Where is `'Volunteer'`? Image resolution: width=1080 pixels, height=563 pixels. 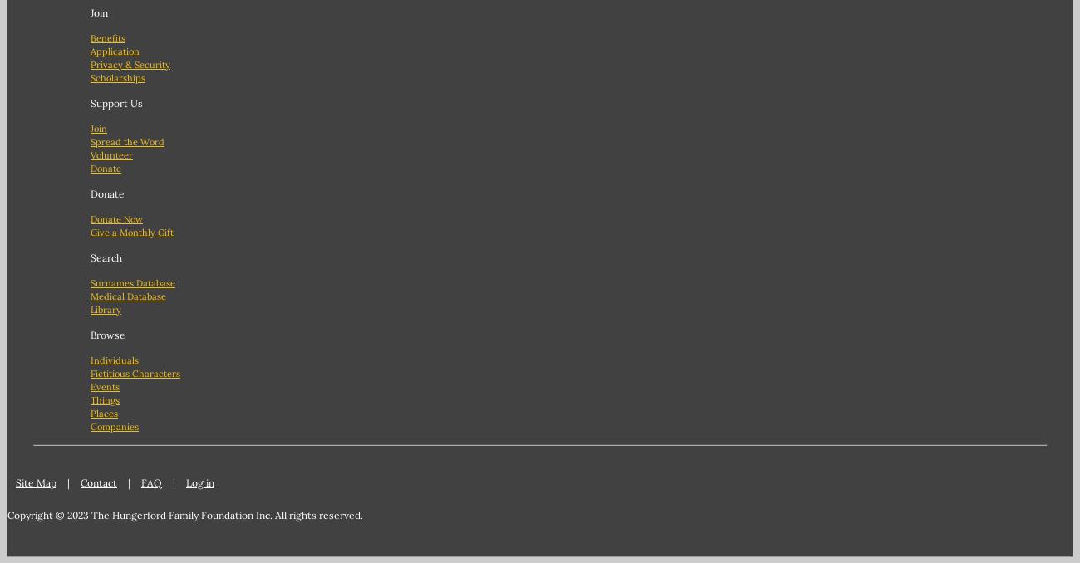
'Volunteer' is located at coordinates (110, 154).